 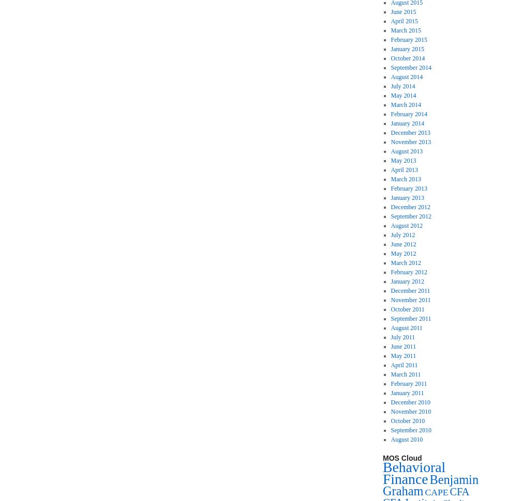 I want to click on 'July 2014', so click(x=402, y=86).